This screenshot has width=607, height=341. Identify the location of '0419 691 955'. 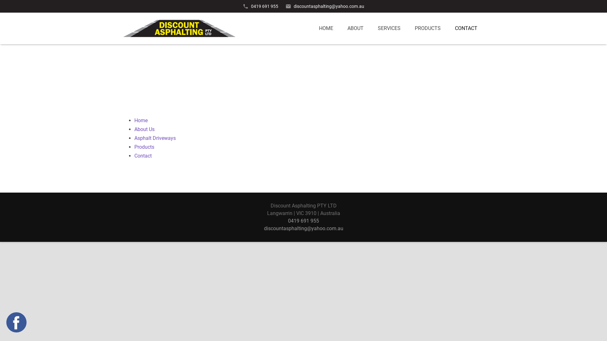
(303, 220).